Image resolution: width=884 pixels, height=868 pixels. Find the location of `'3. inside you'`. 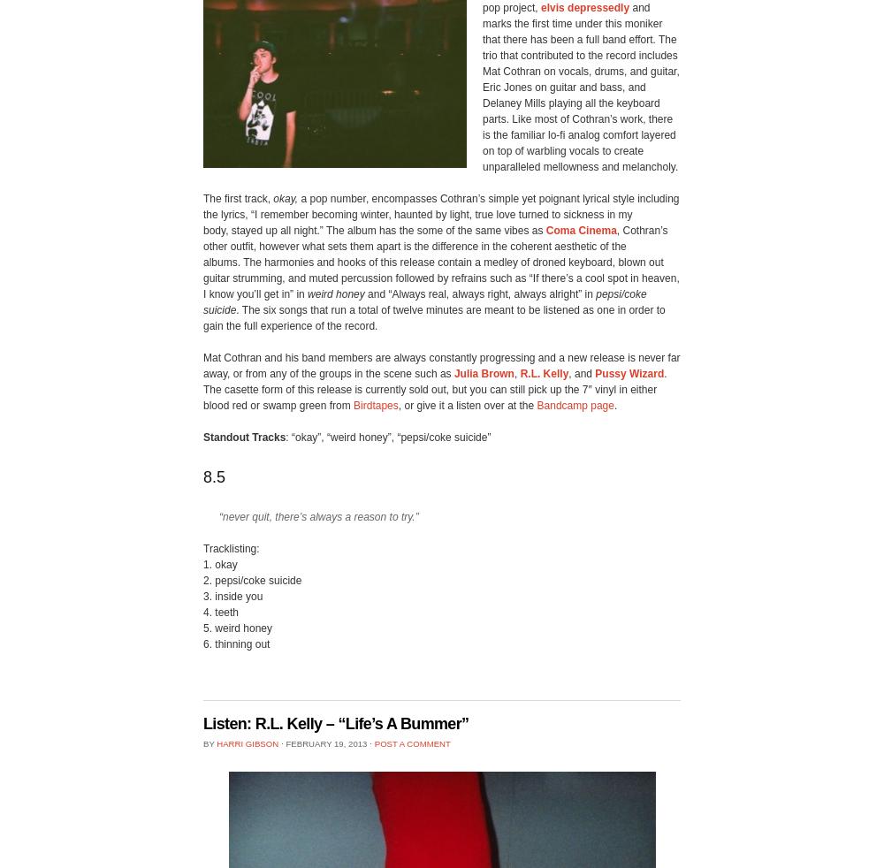

'3. inside you' is located at coordinates (232, 596).